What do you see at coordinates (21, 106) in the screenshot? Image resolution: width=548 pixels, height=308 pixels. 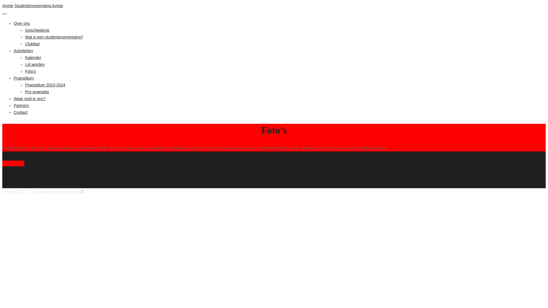 I see `'Partners'` at bounding box center [21, 106].